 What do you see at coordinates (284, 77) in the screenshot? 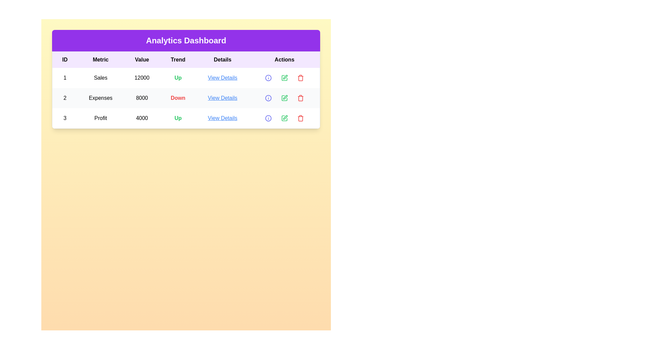
I see `the edit icon button in the Actions column of the first row of the table` at bounding box center [284, 77].